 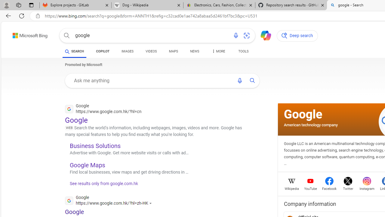 I want to click on 'See results only from google.com.hk', so click(x=101, y=185).